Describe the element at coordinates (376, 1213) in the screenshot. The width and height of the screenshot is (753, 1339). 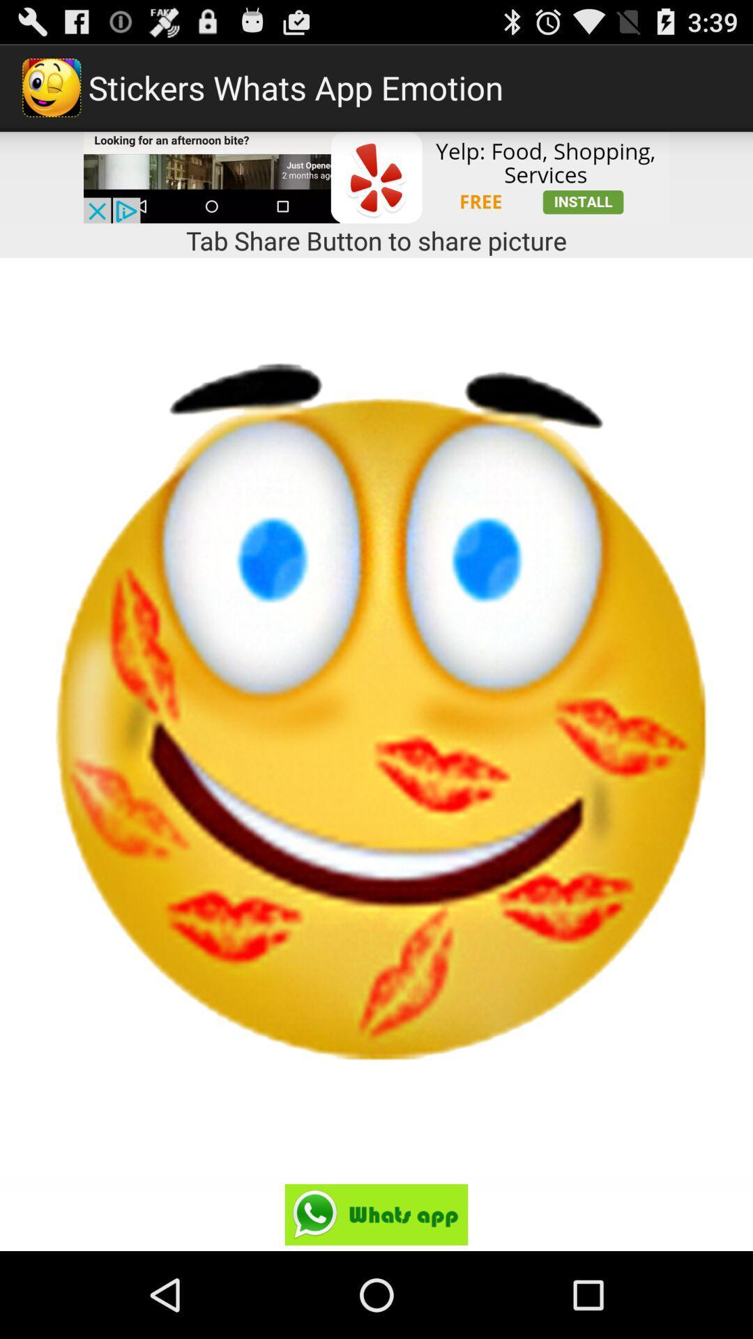
I see `next` at that location.